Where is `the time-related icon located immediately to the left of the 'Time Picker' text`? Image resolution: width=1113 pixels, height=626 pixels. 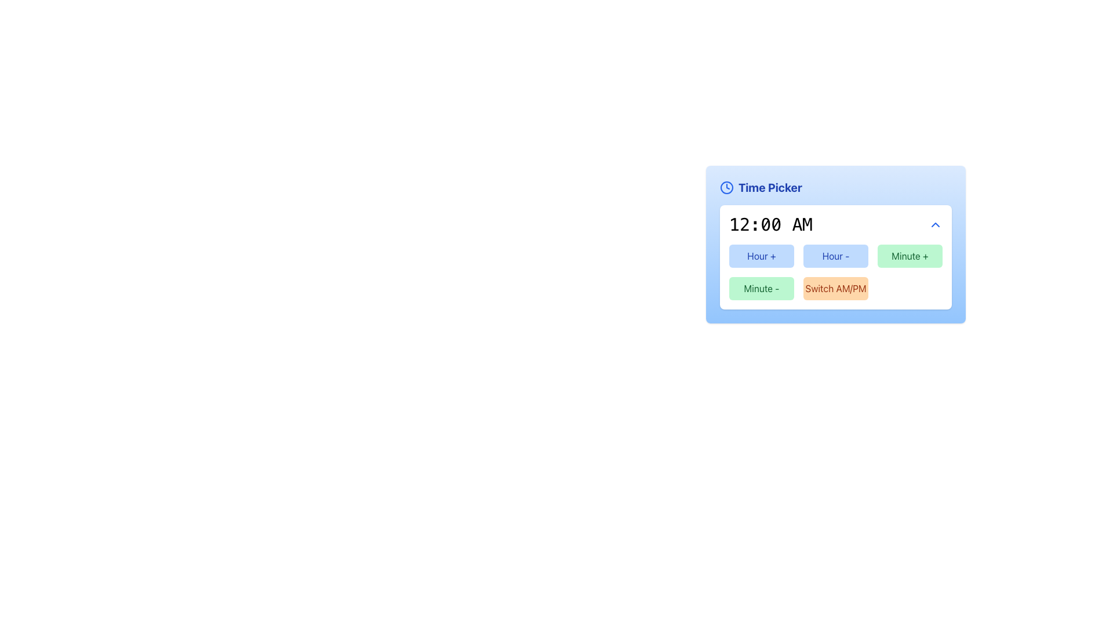
the time-related icon located immediately to the left of the 'Time Picker' text is located at coordinates (726, 187).